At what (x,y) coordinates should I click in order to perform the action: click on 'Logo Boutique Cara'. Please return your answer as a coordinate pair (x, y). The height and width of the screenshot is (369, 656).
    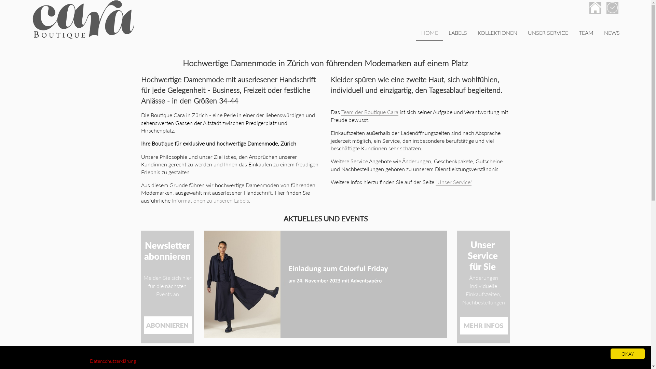
    Looking at the image, I should click on (83, 19).